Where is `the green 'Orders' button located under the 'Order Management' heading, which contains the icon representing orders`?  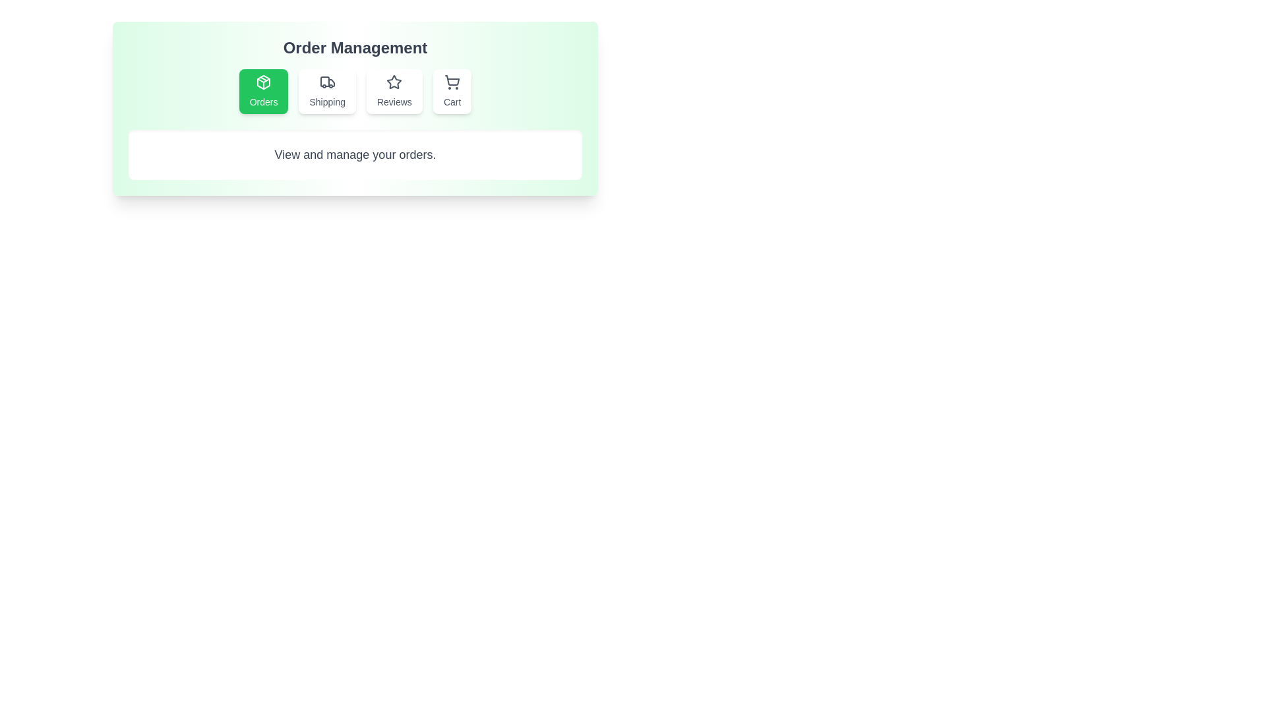 the green 'Orders' button located under the 'Order Management' heading, which contains the icon representing orders is located at coordinates (264, 82).